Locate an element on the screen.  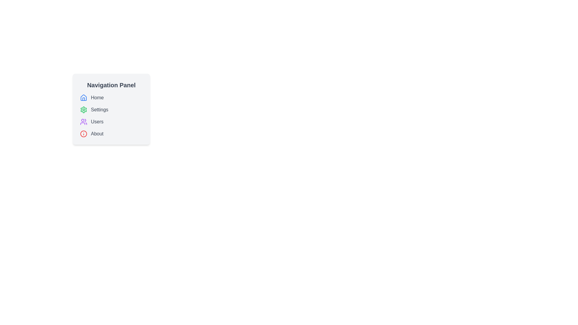
the header text label of the navigational sidebar, which provides context for the navigation links below it is located at coordinates (111, 85).